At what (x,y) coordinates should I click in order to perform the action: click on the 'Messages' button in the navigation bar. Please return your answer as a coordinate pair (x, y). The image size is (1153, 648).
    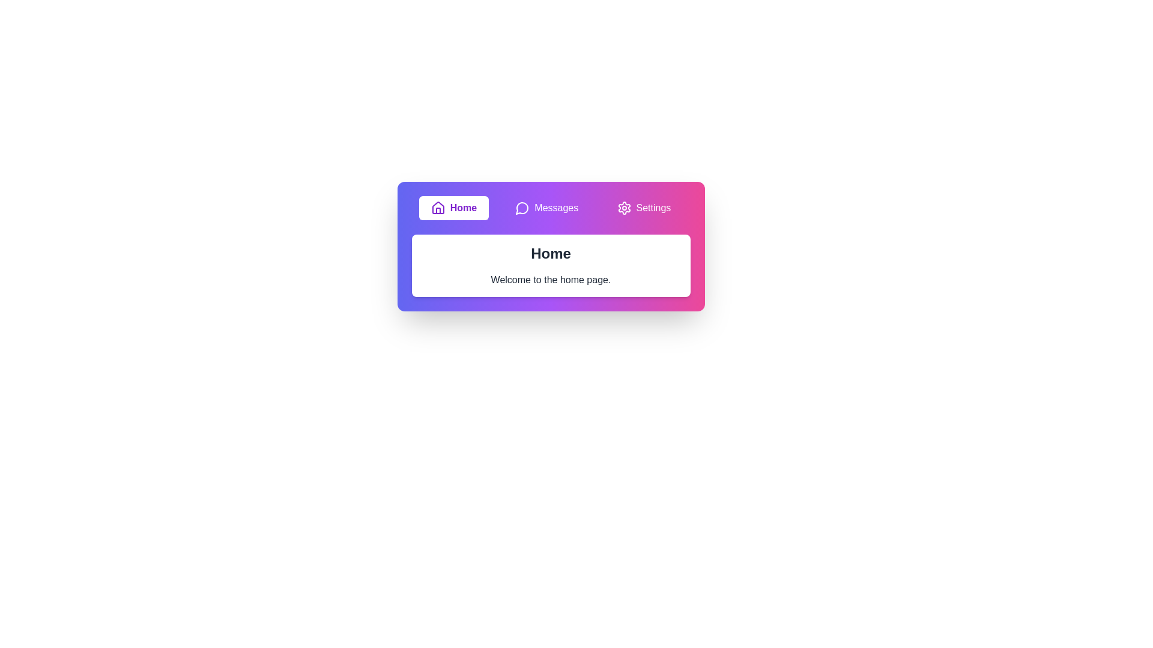
    Looking at the image, I should click on (546, 208).